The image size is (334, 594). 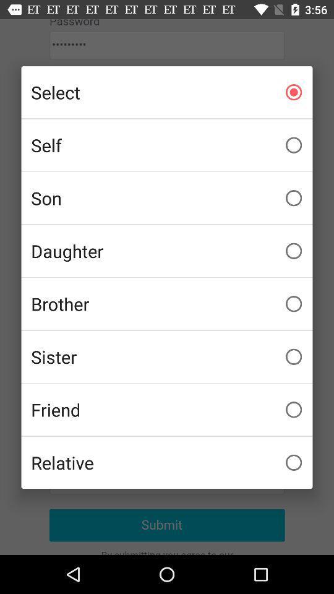 I want to click on the brother icon, so click(x=167, y=303).